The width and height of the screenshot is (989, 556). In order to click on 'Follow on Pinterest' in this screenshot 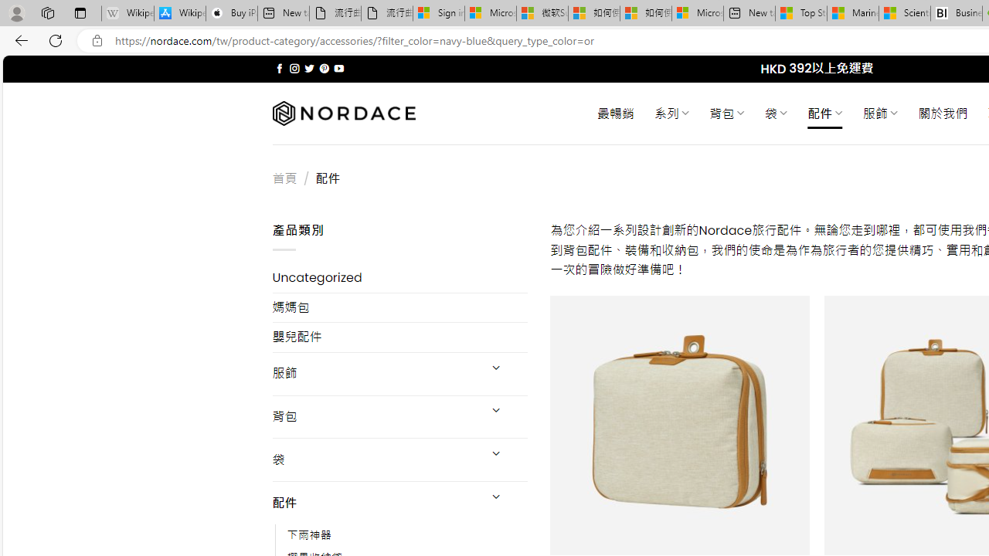, I will do `click(323, 68)`.